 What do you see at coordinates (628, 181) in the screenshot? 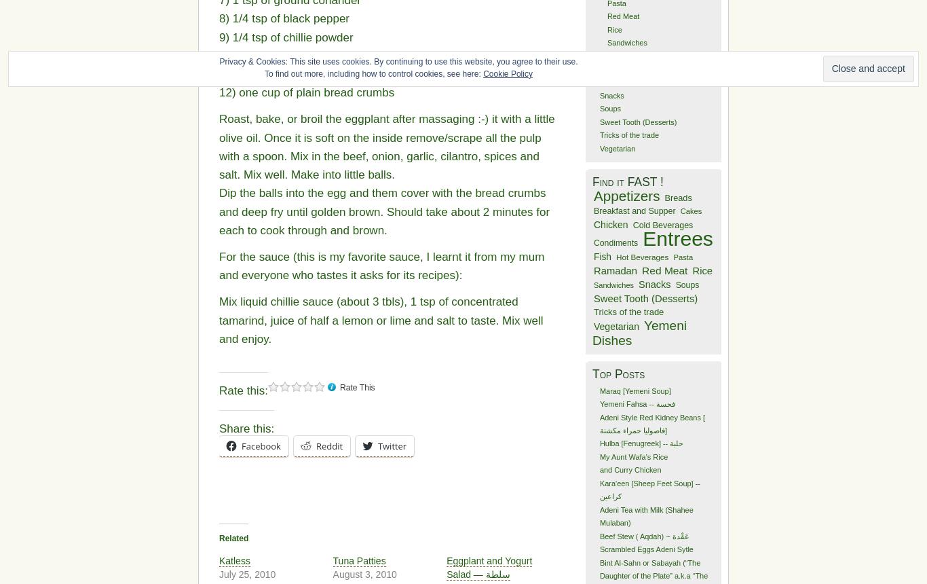
I see `'Find it FAST !'` at bounding box center [628, 181].